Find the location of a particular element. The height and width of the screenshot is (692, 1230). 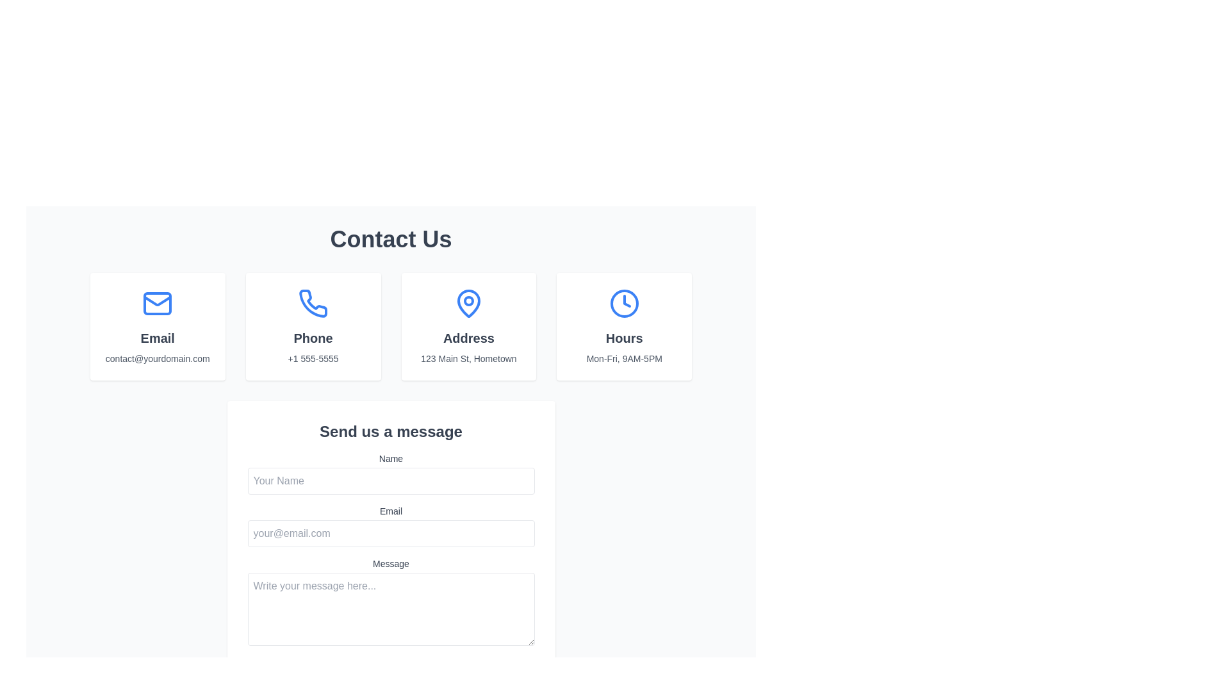

the line or polyline representing the clock hands inside the blue clock icon within the 'Hours' block is located at coordinates (627, 301).